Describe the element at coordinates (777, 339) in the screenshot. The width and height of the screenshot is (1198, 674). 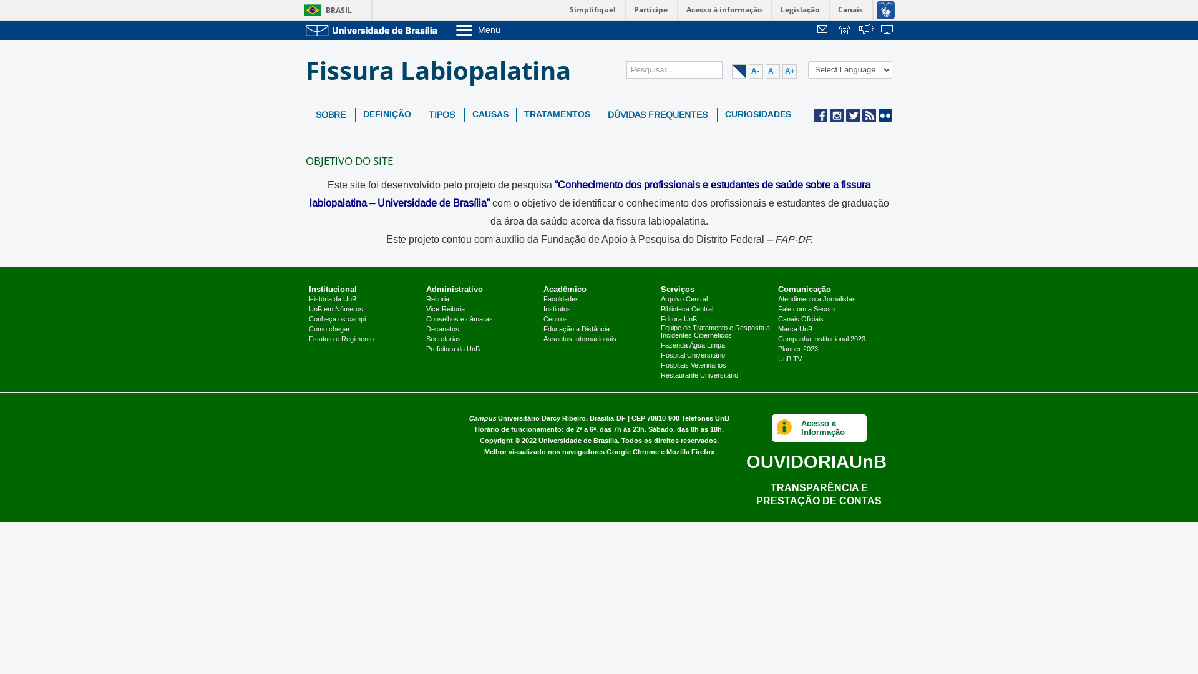
I see `'Campanha Institucional 2023'` at that location.